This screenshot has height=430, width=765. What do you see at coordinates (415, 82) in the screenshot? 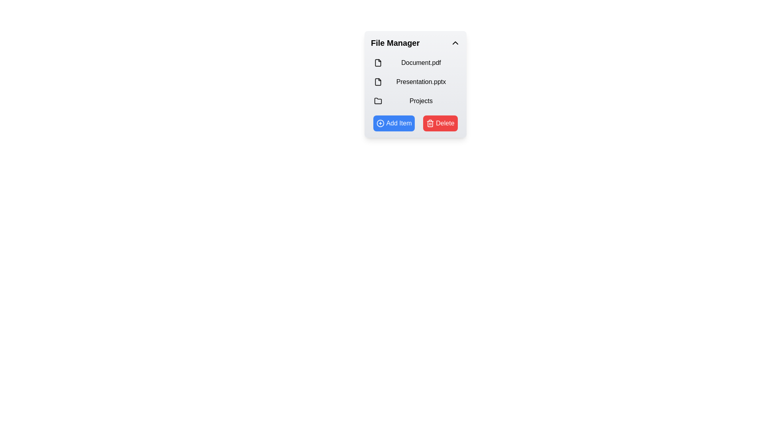
I see `on the File list item labeled 'Presentation.pptx'` at bounding box center [415, 82].